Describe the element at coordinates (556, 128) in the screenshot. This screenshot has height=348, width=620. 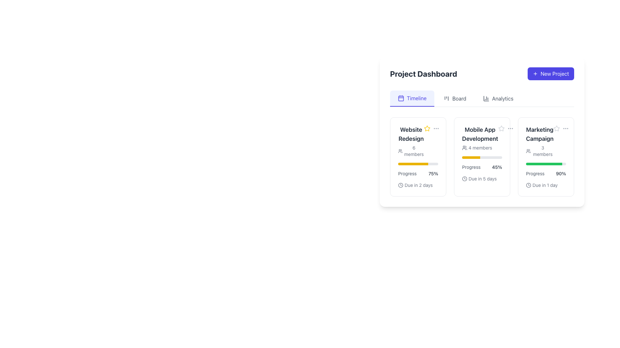
I see `the star-shaped icon with a gray outline in the top-right corner of the 'Marketing Campaign' project card to mark it as favorite` at that location.